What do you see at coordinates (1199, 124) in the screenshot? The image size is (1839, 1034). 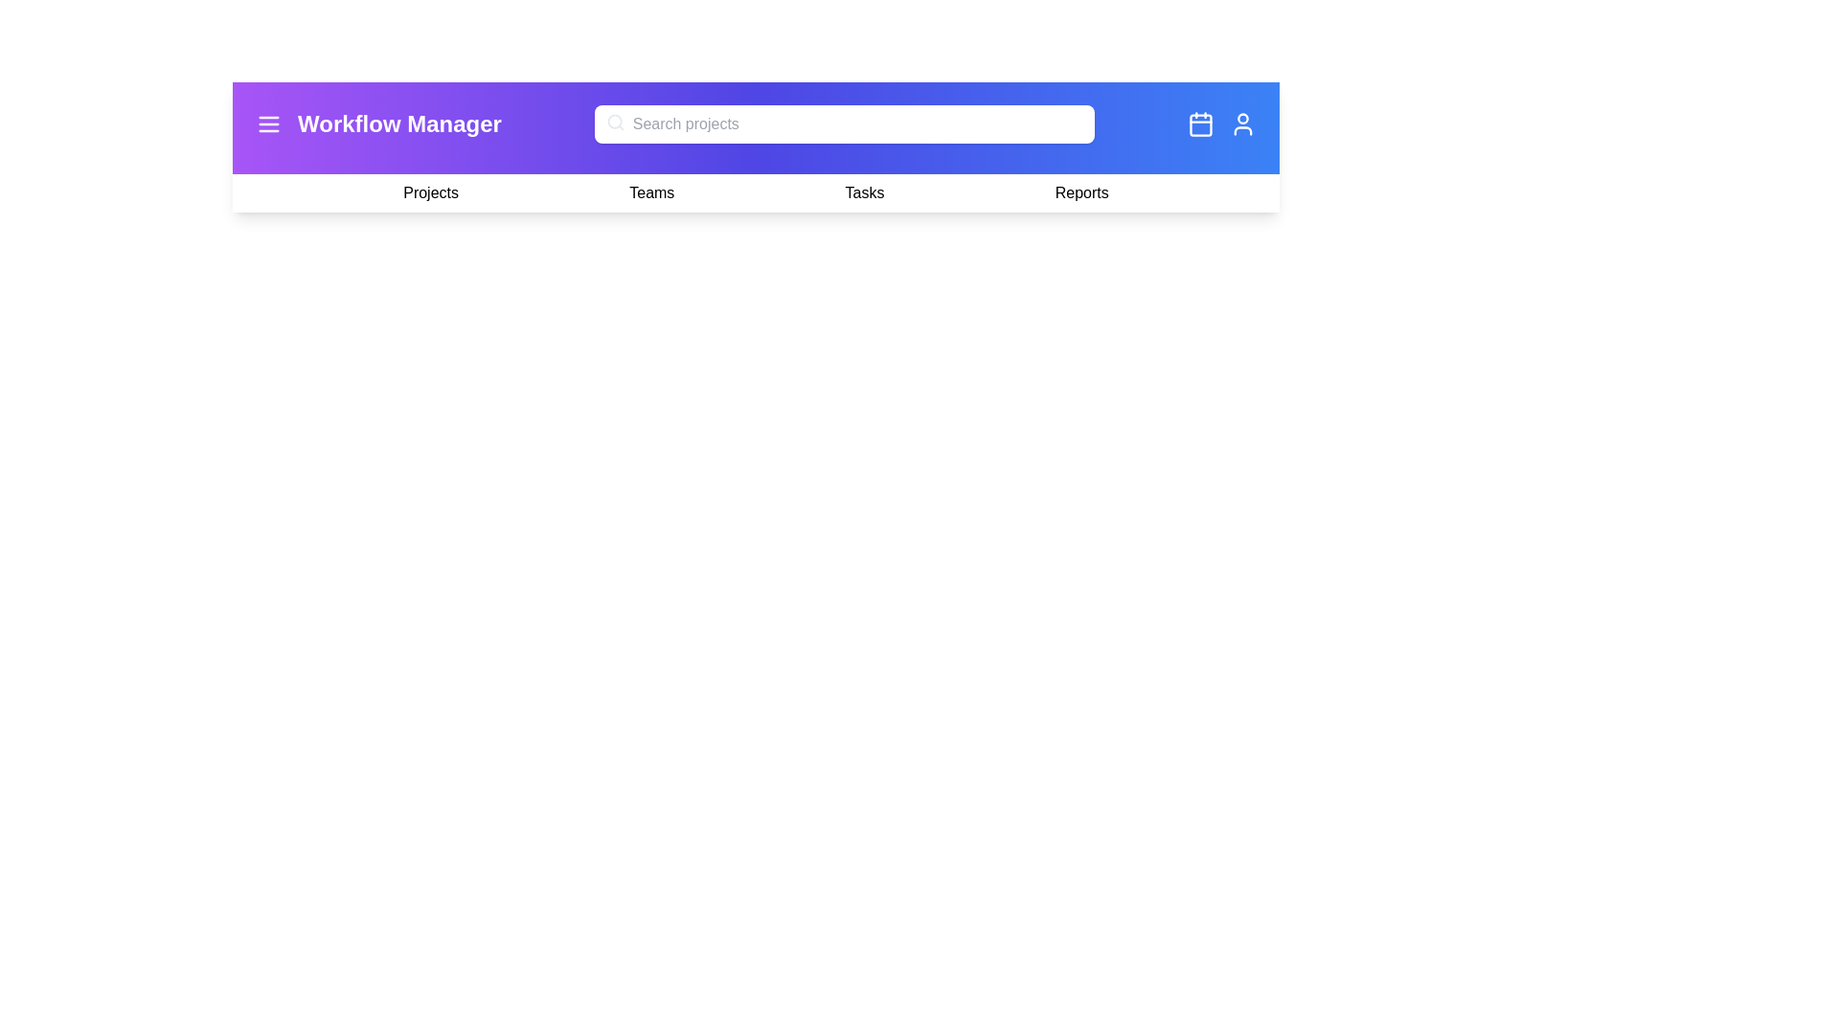 I see `the calendar icon to view the schedule` at bounding box center [1199, 124].